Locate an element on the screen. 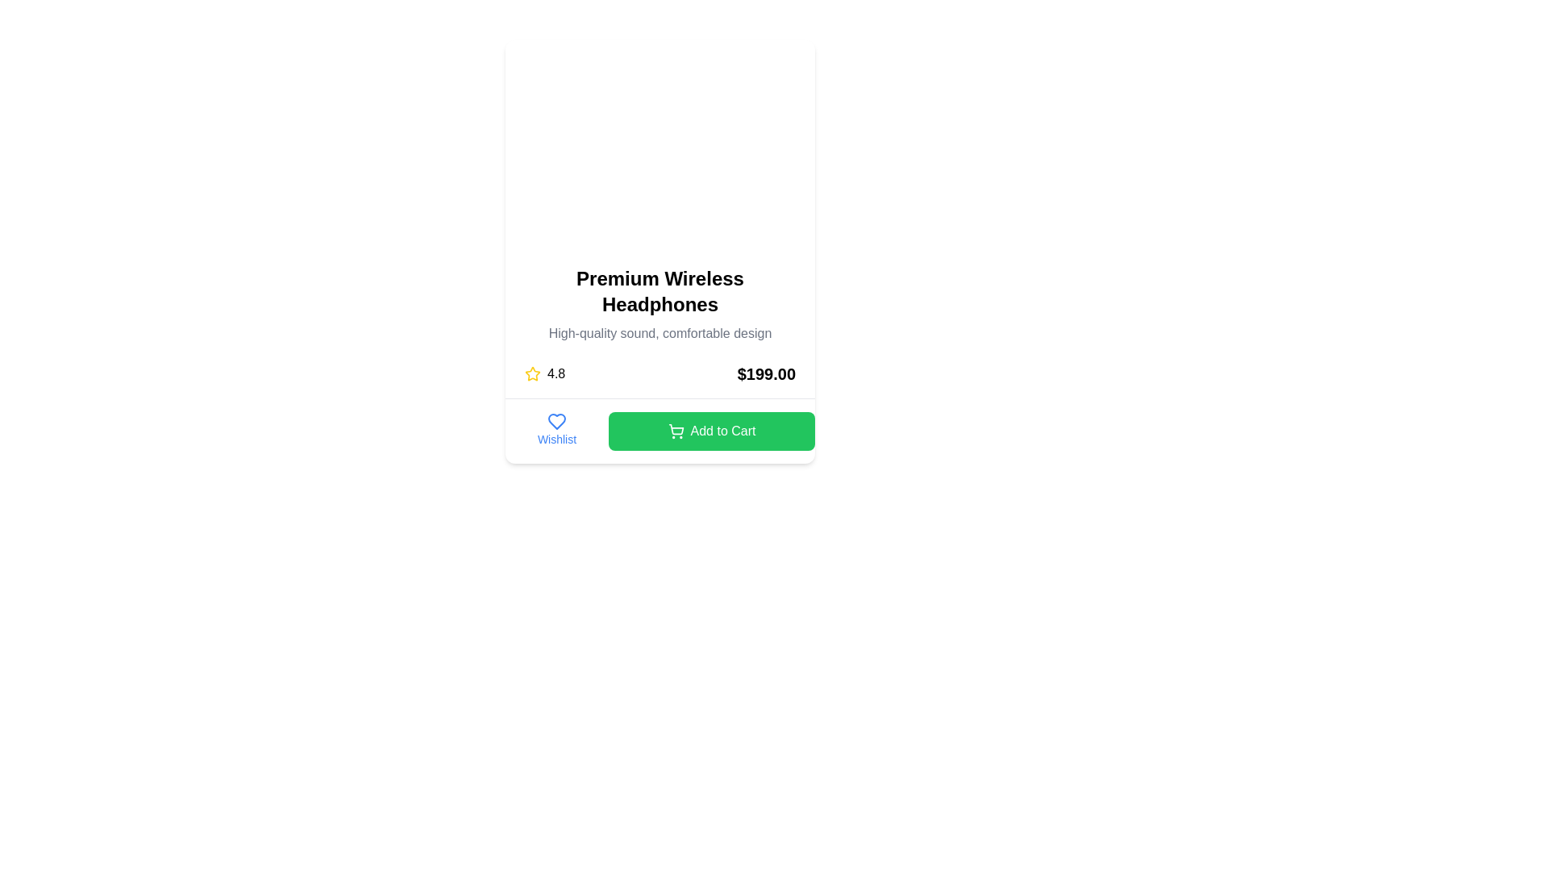 This screenshot has height=871, width=1548. text label displaying 'Wishlist', which is styled in blue and located below a heart icon in the product card layout is located at coordinates (557, 439).